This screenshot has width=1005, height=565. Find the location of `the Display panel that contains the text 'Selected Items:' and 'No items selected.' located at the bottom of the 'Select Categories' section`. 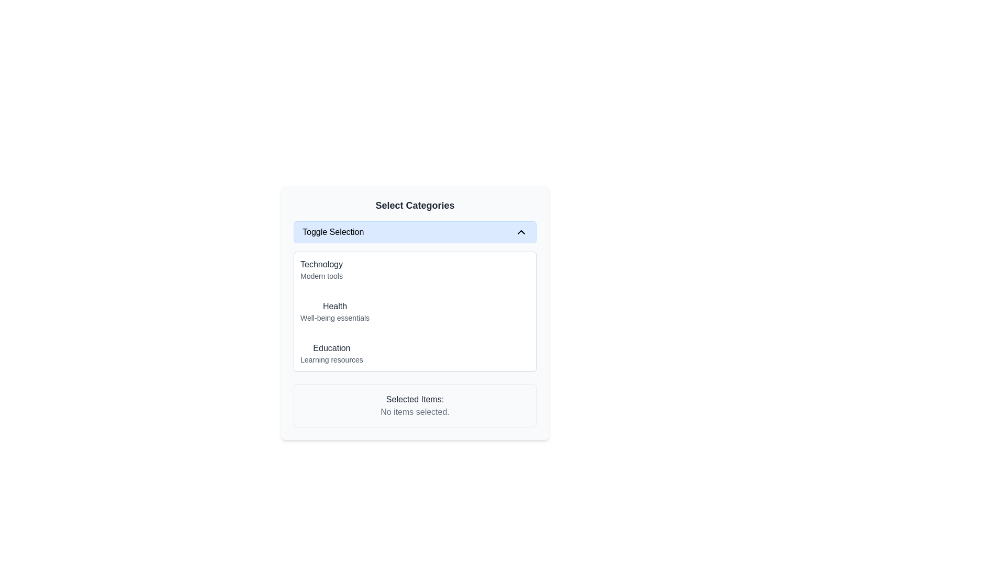

the Display panel that contains the text 'Selected Items:' and 'No items selected.' located at the bottom of the 'Select Categories' section is located at coordinates (414, 405).